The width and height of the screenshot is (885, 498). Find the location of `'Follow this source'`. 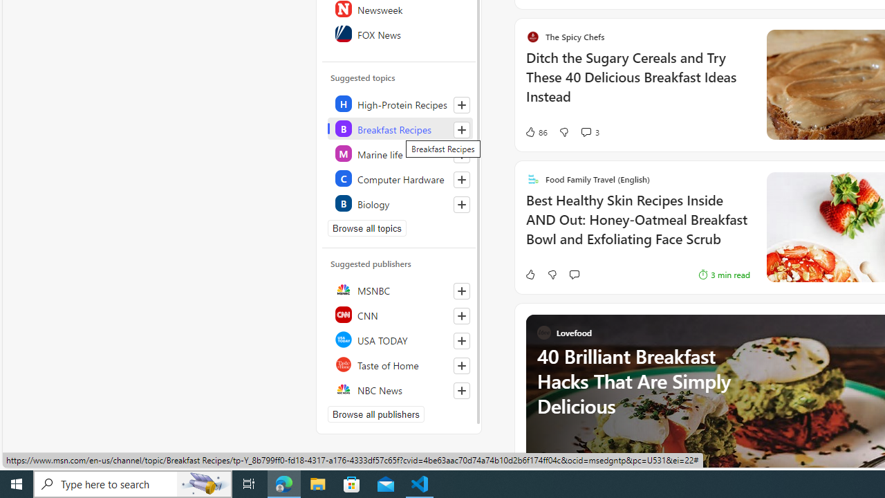

'Follow this source' is located at coordinates (462, 390).